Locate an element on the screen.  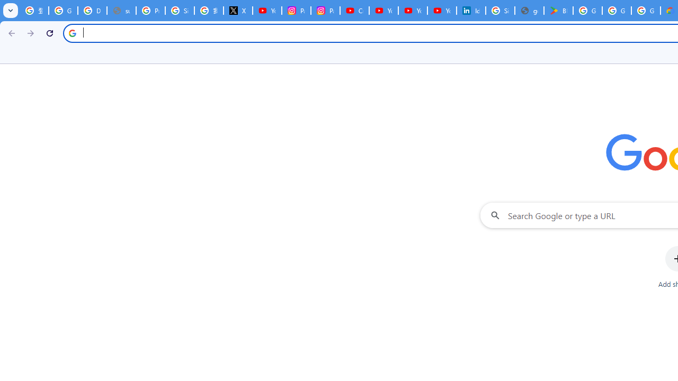
'Privacy Help Center - Policies Help' is located at coordinates (150, 11).